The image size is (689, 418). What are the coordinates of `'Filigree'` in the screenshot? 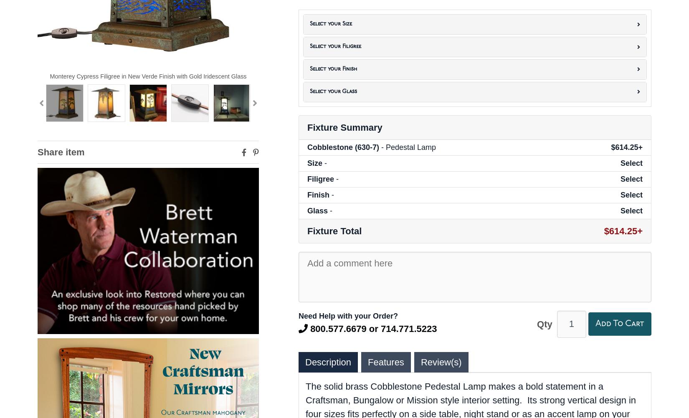 It's located at (320, 178).